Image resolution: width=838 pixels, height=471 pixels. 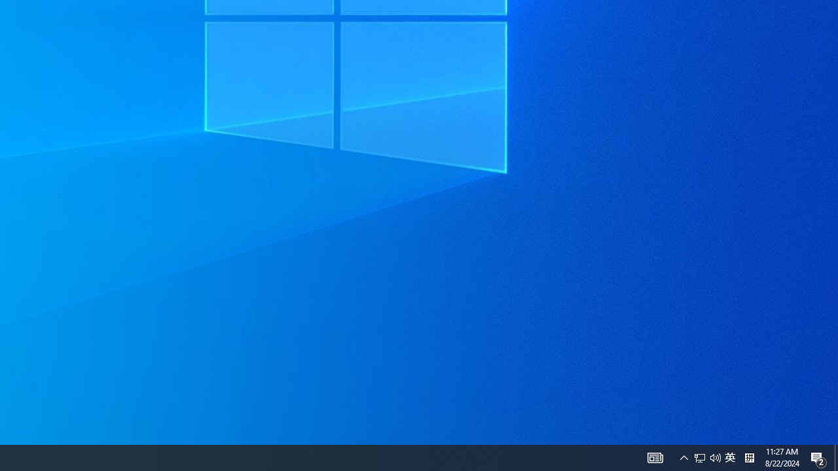 I want to click on 'Show desktop', so click(x=835, y=457).